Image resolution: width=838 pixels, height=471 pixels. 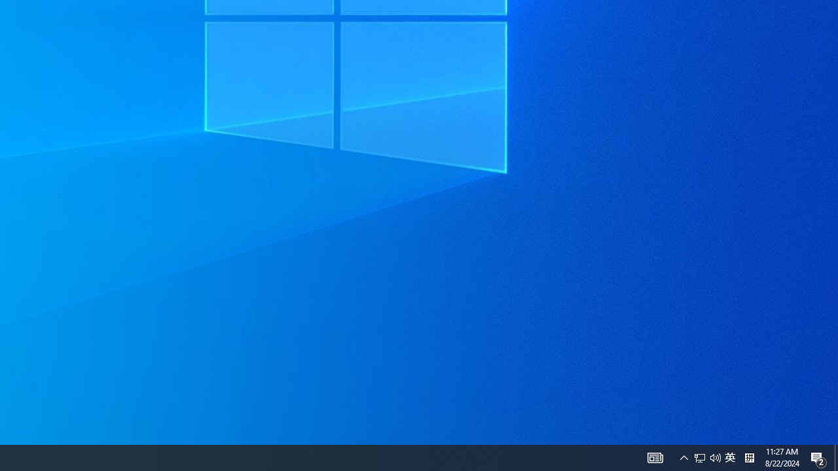 I want to click on 'Show desktop', so click(x=835, y=457).